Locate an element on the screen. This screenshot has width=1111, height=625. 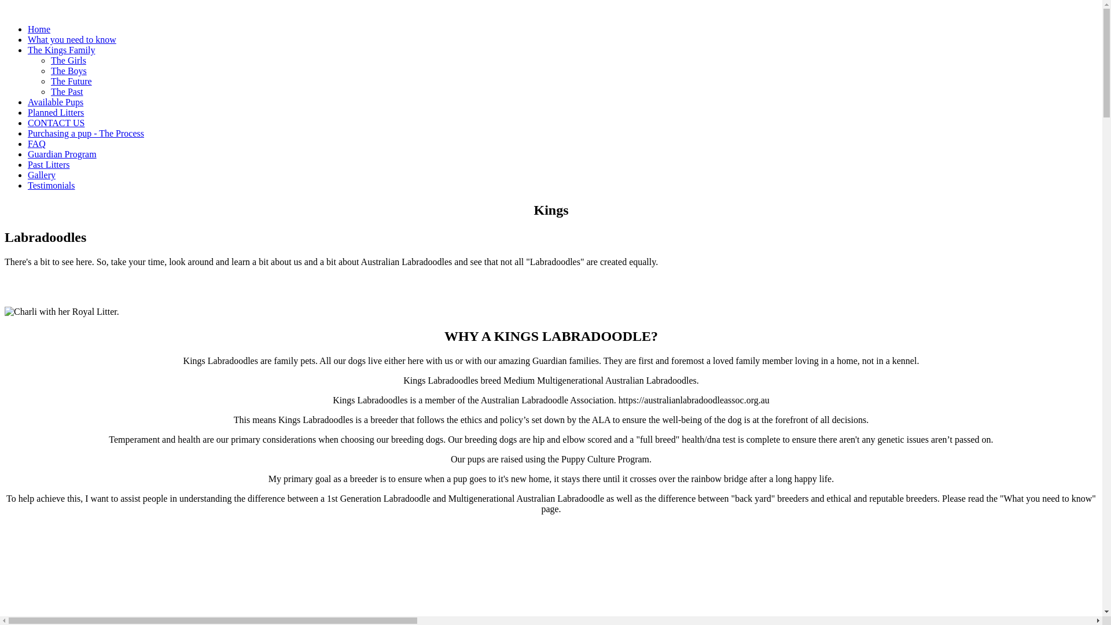
'The Boys' is located at coordinates (68, 71).